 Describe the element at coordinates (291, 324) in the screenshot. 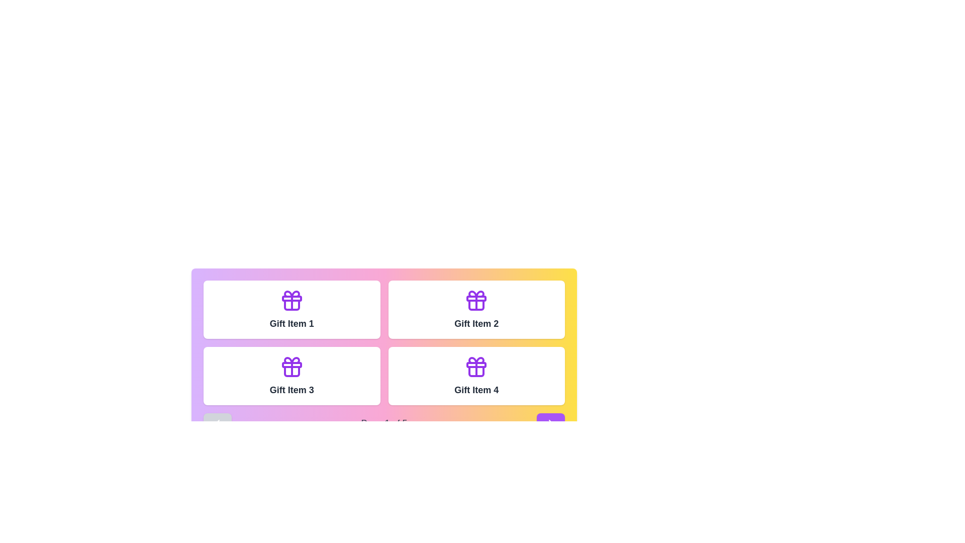

I see `text label that identifies the corresponding gift item displayed in the top-left card of the grid layout, positioned below the gift icon and centrally aligned within the card's bounds` at that location.